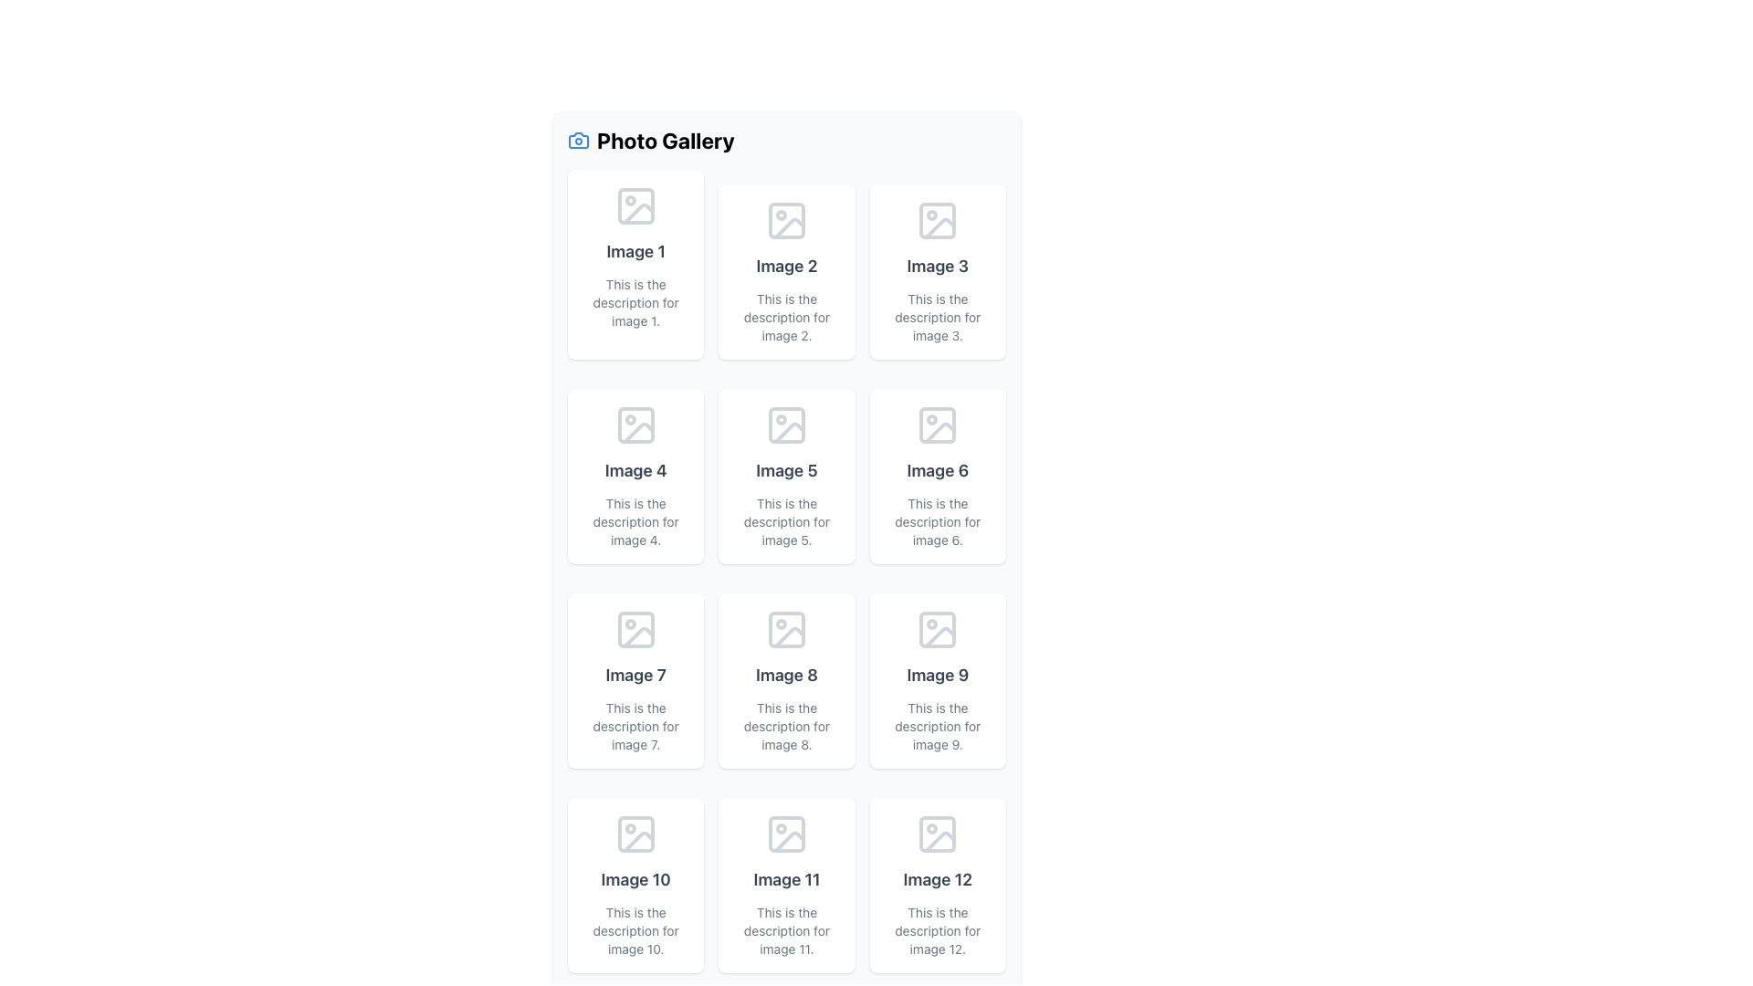 The height and width of the screenshot is (986, 1753). Describe the element at coordinates (938, 271) in the screenshot. I see `the Card element representing an item in the gallery, which is the third tile in the top row` at that location.